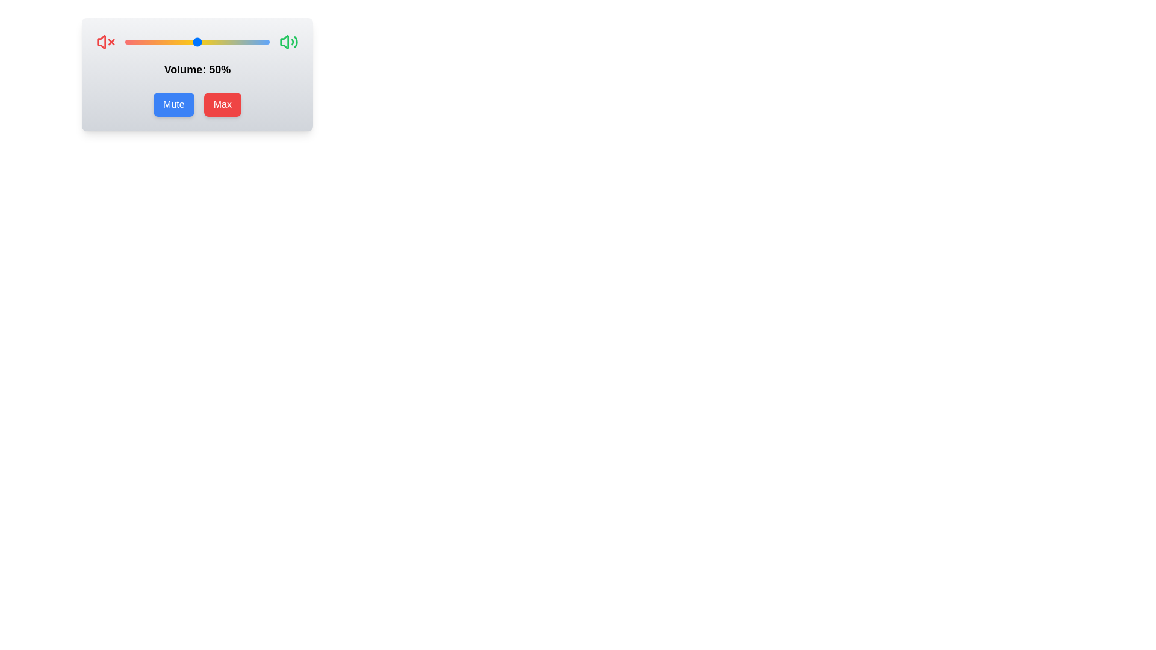 The height and width of the screenshot is (650, 1156). What do you see at coordinates (236, 41) in the screenshot?
I see `the volume slider to 77% level` at bounding box center [236, 41].